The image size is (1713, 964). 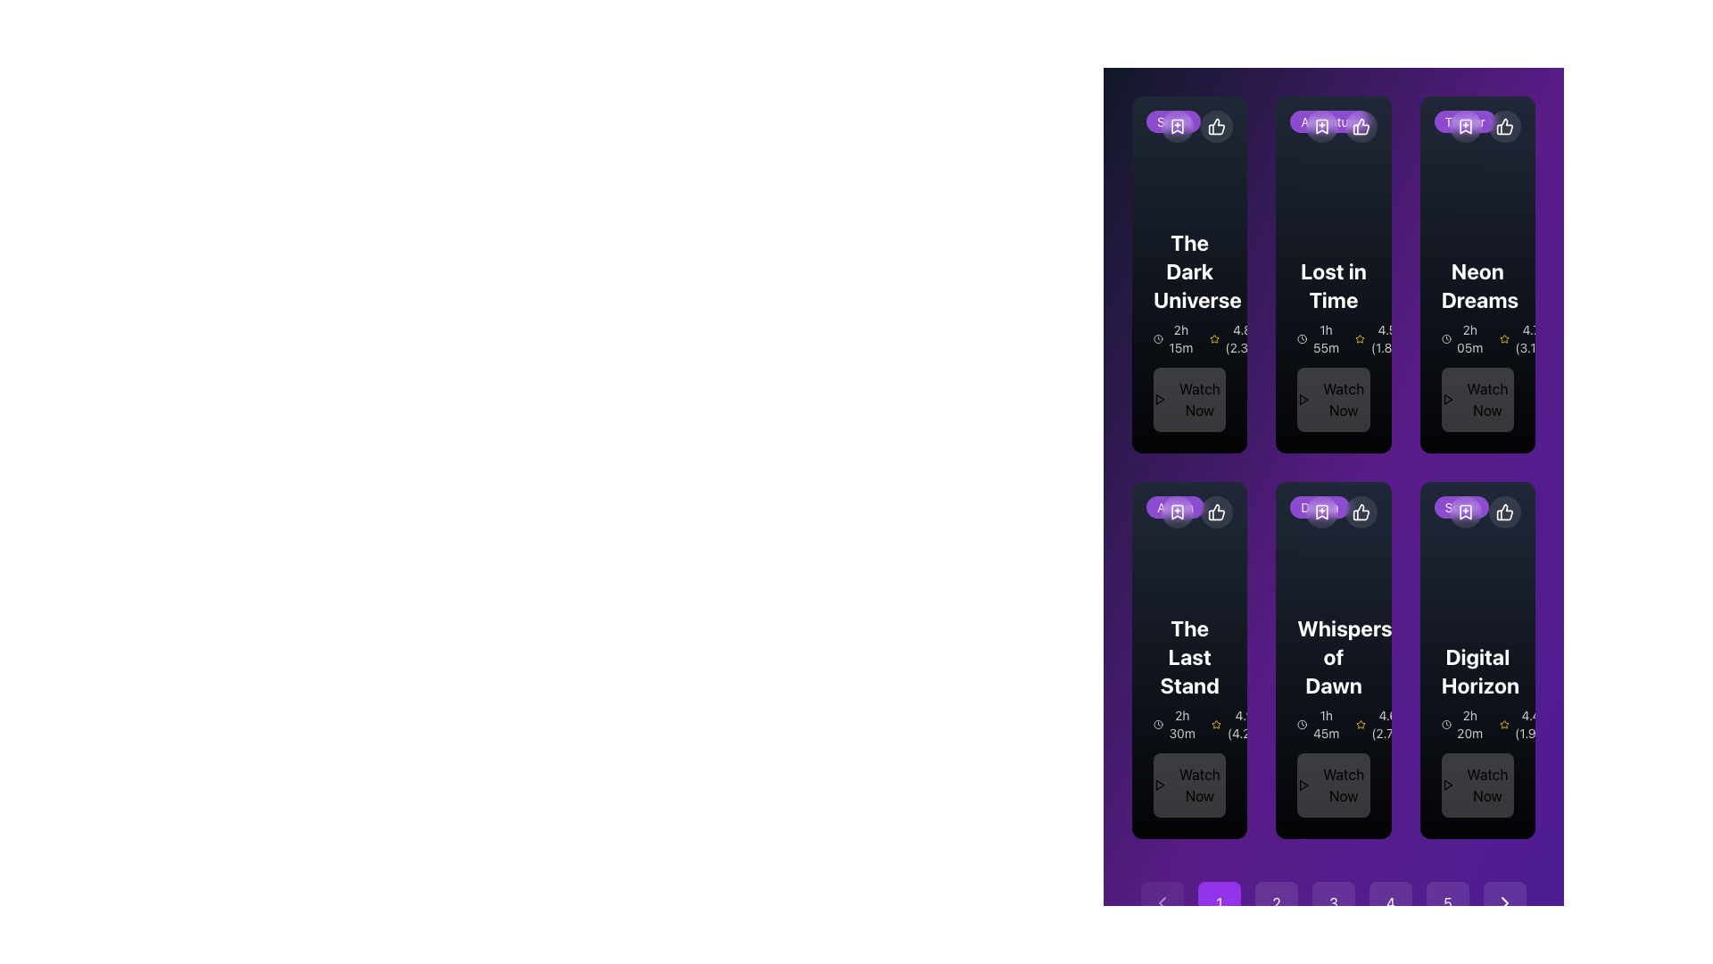 I want to click on the bookmark icon button with a plus symbol located in the top-left corner of the second row of content items, part of the control panel above 'The Last Stand', so click(x=1178, y=512).